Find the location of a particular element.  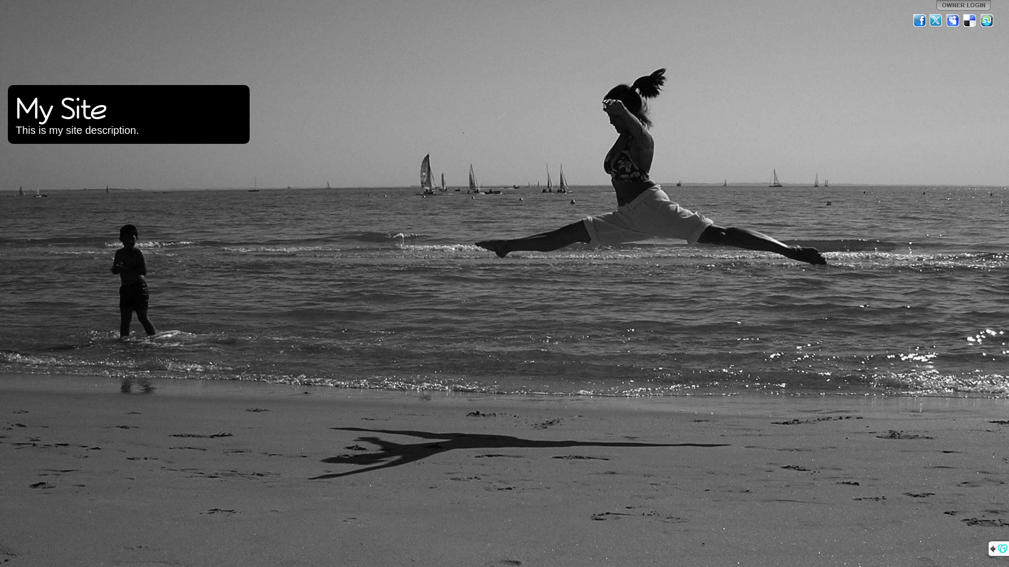

'Twitter' is located at coordinates (936, 20).